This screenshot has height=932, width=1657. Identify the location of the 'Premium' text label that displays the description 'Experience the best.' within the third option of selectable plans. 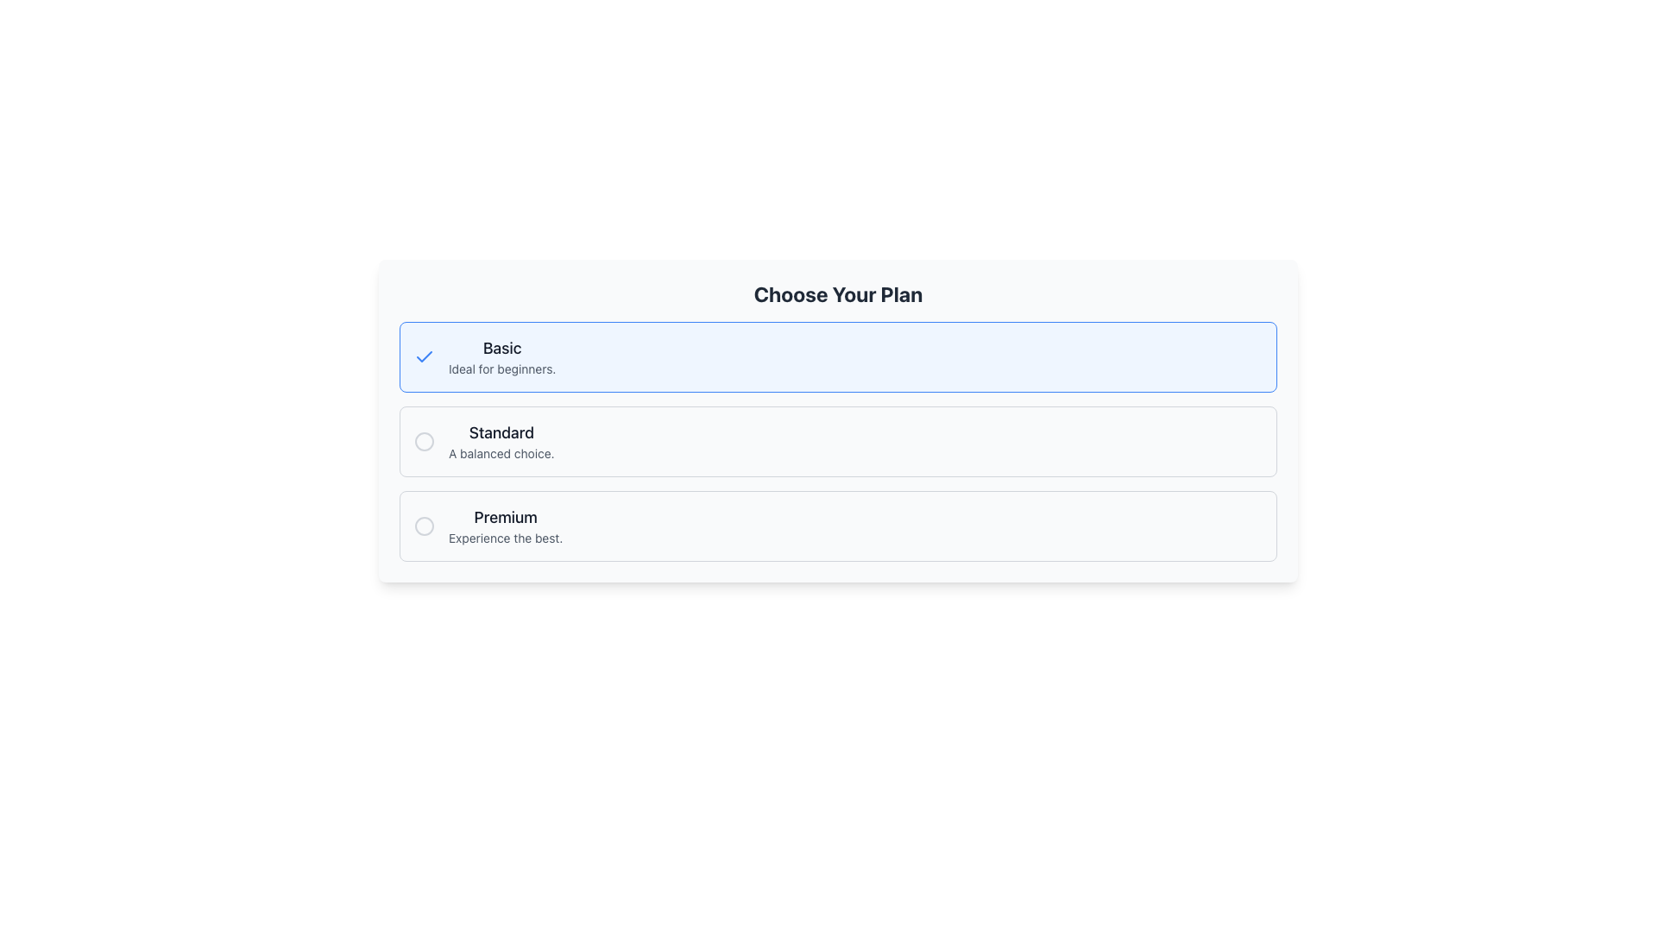
(505, 525).